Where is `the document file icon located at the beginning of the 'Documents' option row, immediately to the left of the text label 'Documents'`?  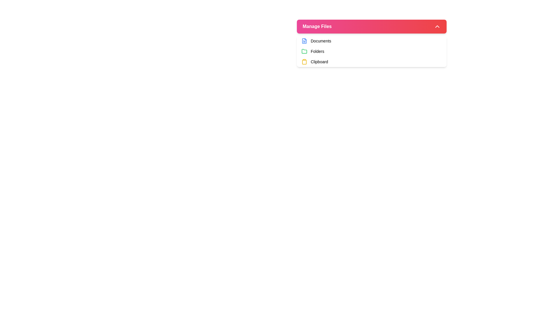
the document file icon located at the beginning of the 'Documents' option row, immediately to the left of the text label 'Documents' is located at coordinates (304, 41).